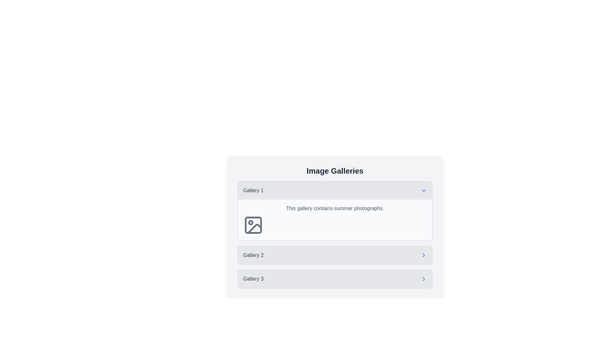 This screenshot has height=346, width=615. What do you see at coordinates (335, 170) in the screenshot?
I see `the prominently styled heading text label reading 'Image Galleries' at the top of the section` at bounding box center [335, 170].